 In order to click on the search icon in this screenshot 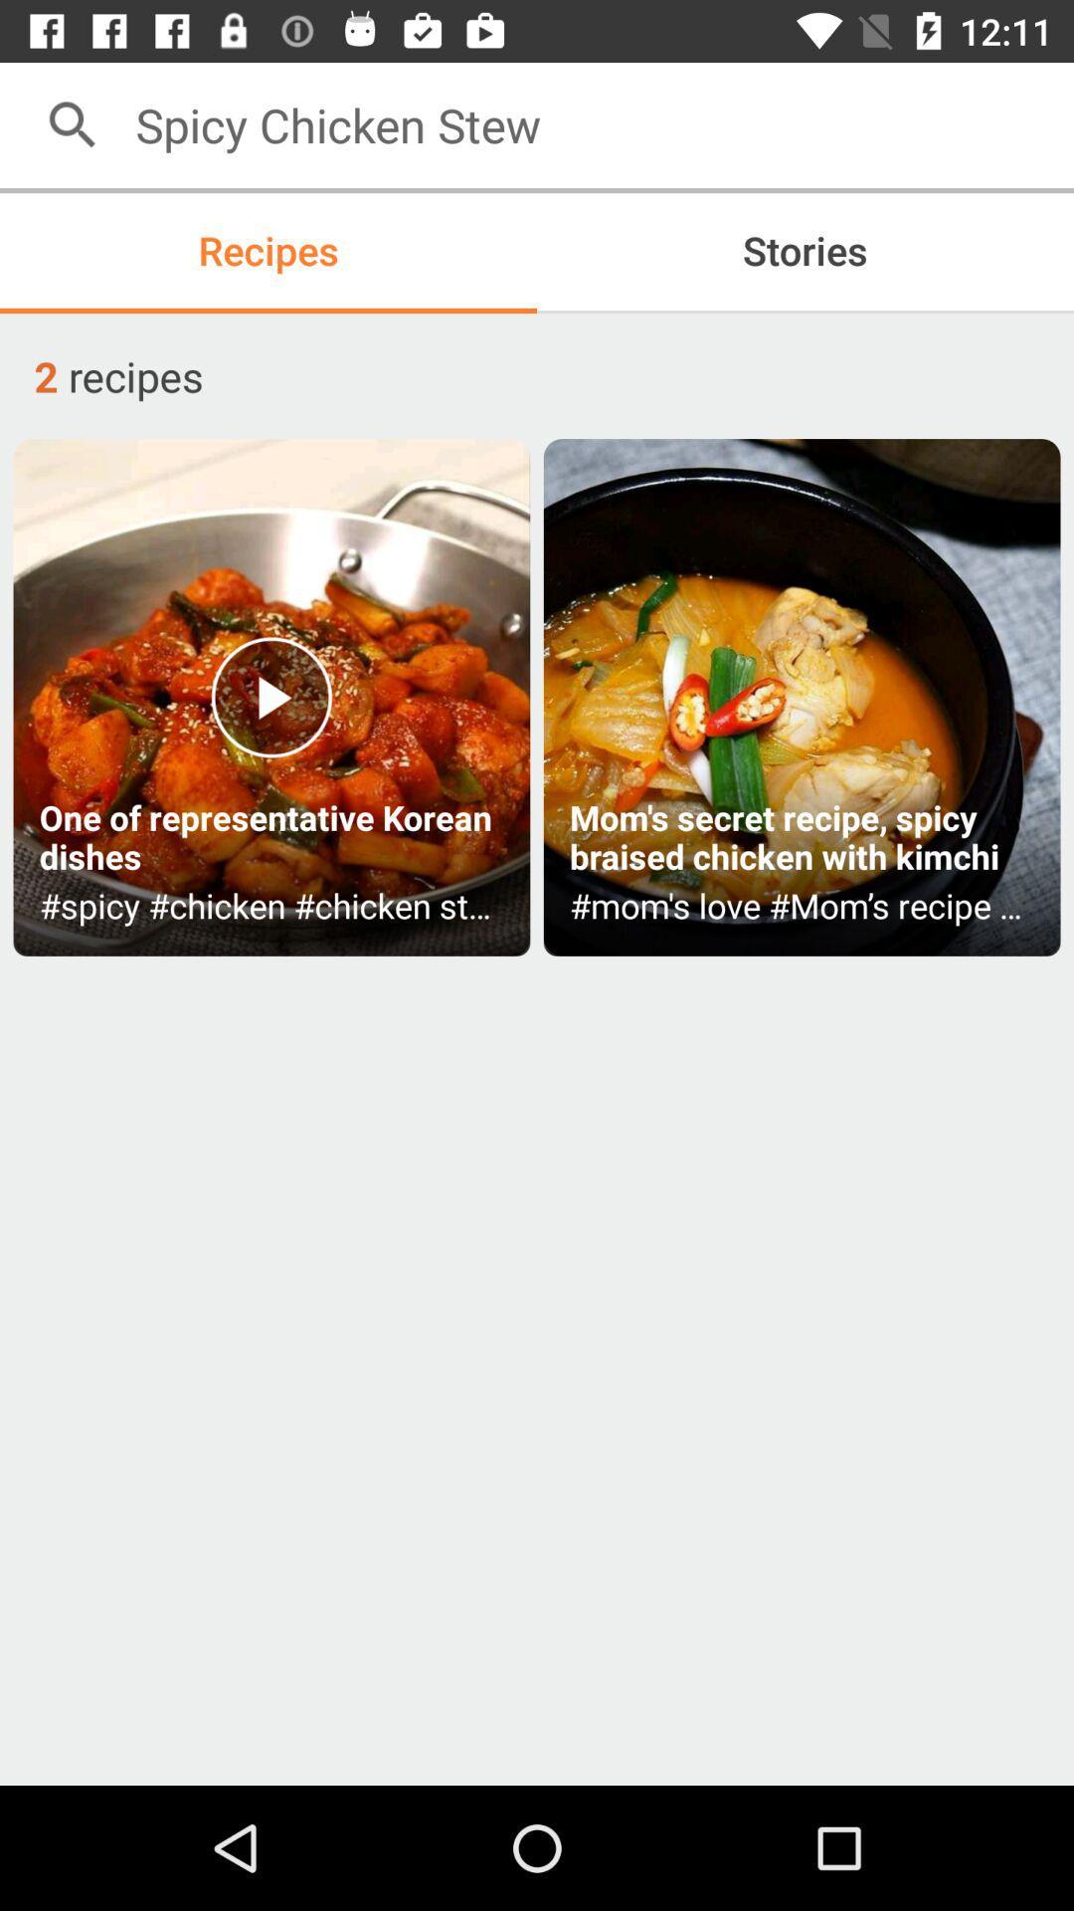, I will do `click(72, 123)`.